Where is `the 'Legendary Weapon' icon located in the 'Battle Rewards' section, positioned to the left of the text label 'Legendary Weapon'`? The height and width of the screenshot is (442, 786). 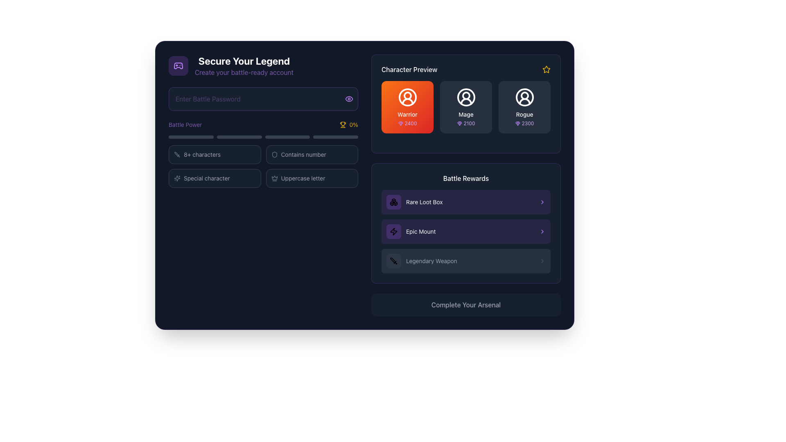
the 'Legendary Weapon' icon located in the 'Battle Rewards' section, positioned to the left of the text label 'Legendary Weapon' is located at coordinates (393, 261).